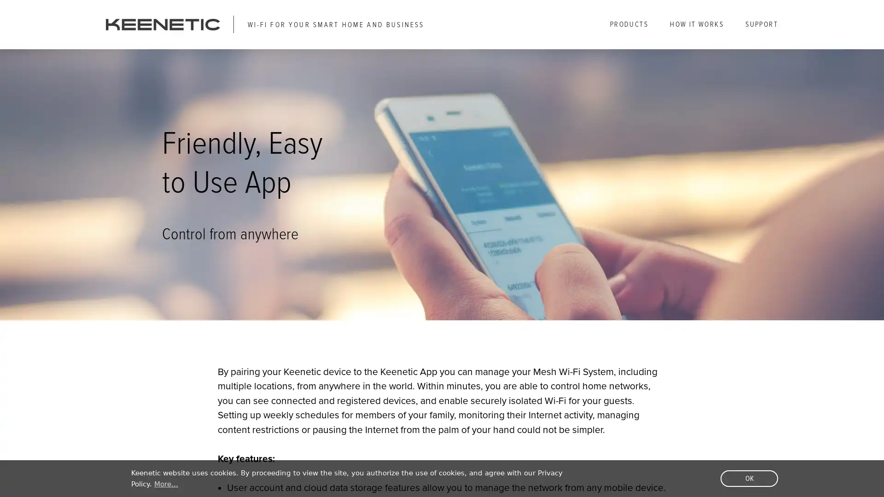 The height and width of the screenshot is (497, 884). Describe the element at coordinates (749, 478) in the screenshot. I see `dismiss cookie message` at that location.